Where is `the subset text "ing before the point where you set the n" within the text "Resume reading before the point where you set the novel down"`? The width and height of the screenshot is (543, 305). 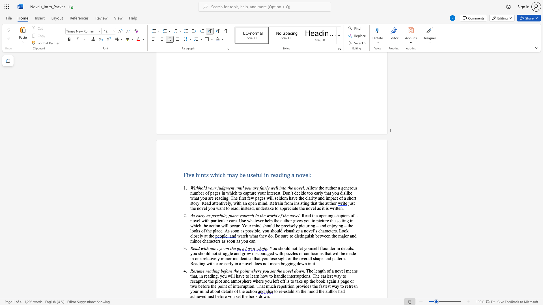 the subset text "ing before the point where you set the n" within the text "Resume reading before the point where you set the novel down" is located at coordinates (214, 271).